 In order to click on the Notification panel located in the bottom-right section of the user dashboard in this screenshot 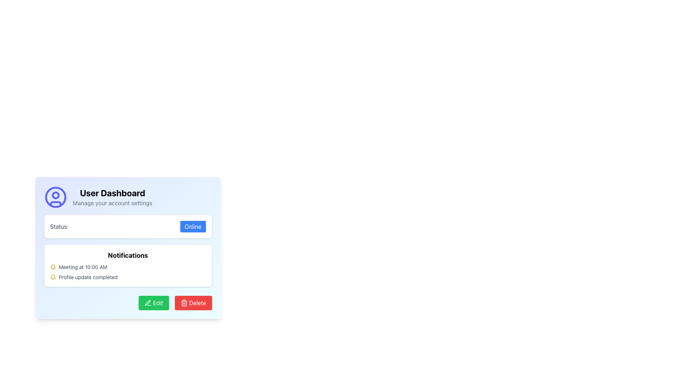, I will do `click(128, 251)`.